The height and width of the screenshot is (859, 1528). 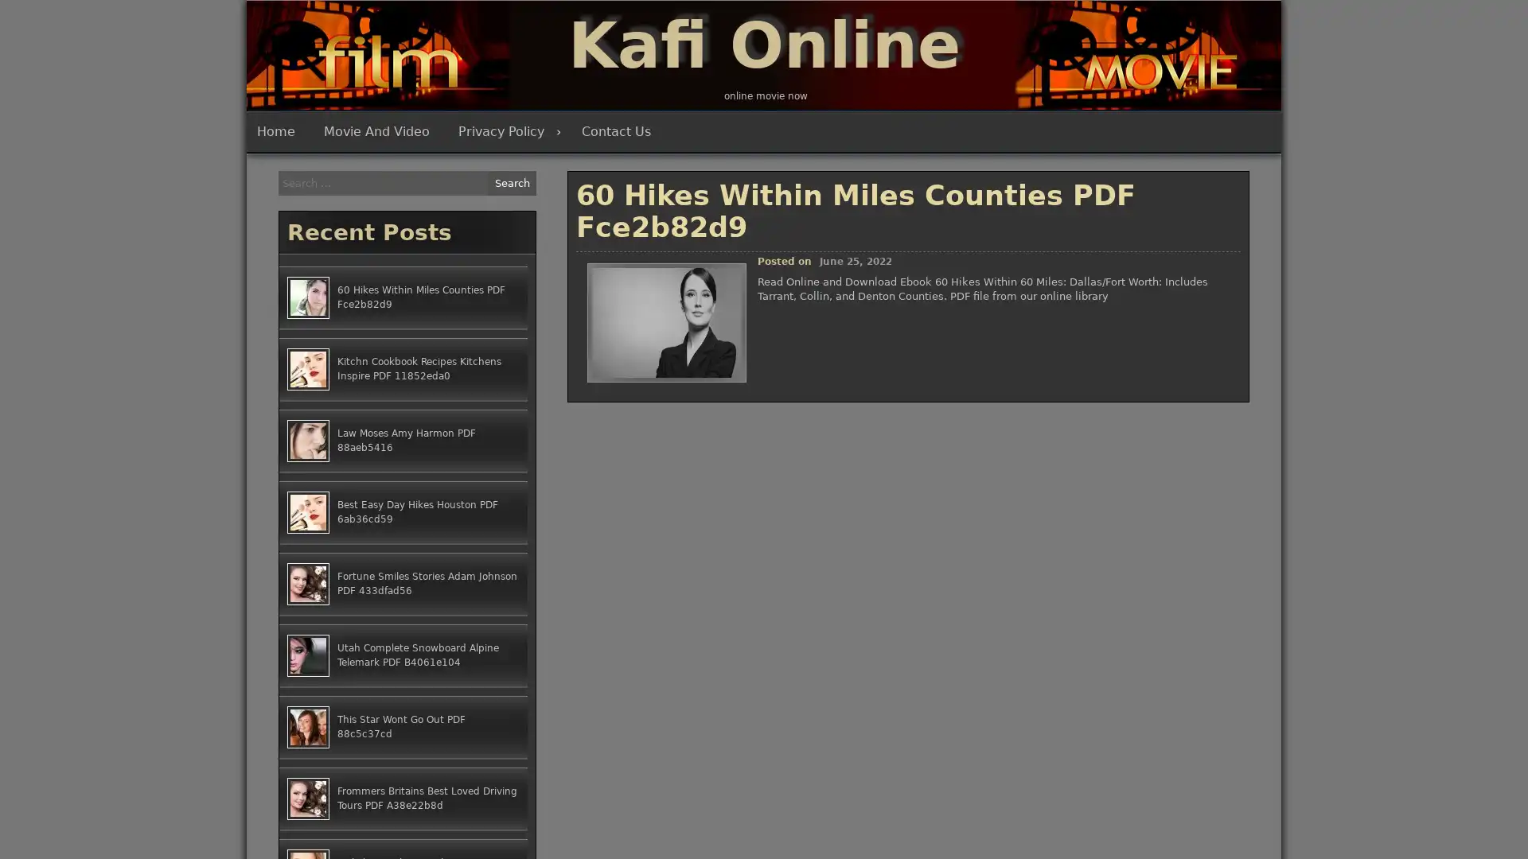 I want to click on Search, so click(x=512, y=182).